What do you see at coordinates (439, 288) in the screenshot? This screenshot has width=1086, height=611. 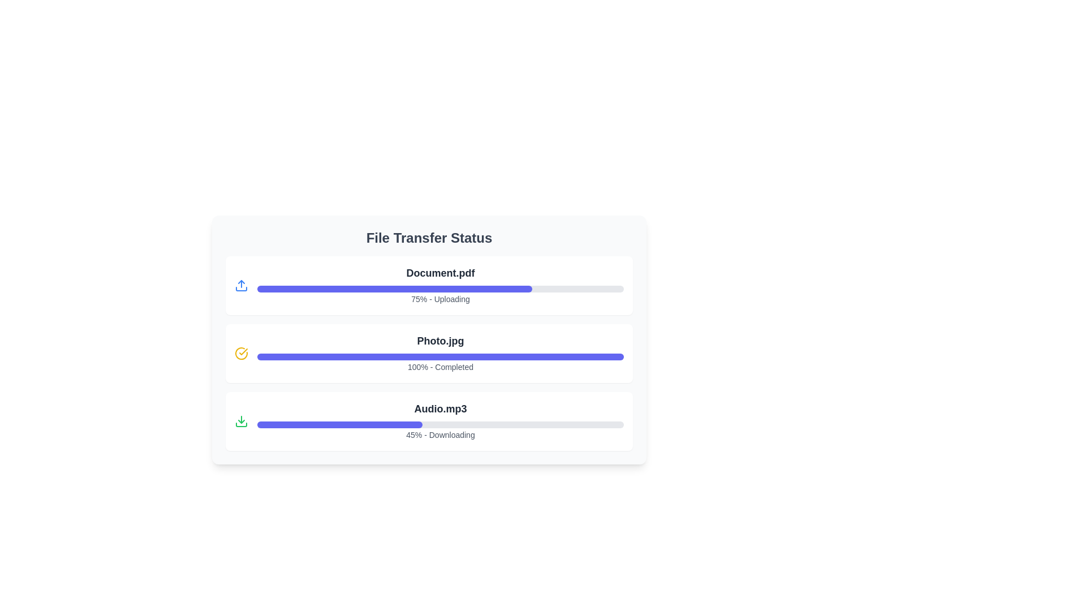 I see `the progress bar indicating the upload progress of 'Document.pdf', which is visually represented by a blue portion that changes dynamically based on the progress percentage` at bounding box center [439, 288].